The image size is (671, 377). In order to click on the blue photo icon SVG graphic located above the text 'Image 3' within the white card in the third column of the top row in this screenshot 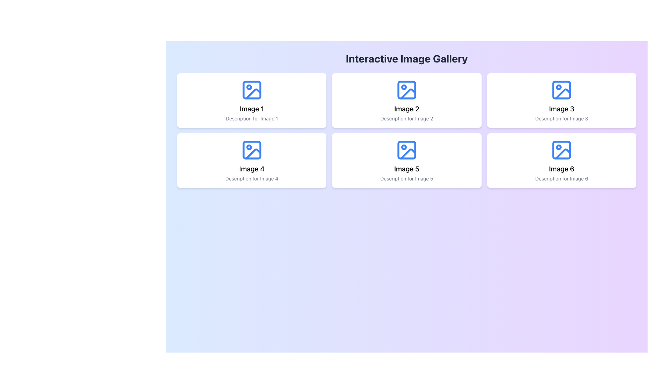, I will do `click(562, 90)`.